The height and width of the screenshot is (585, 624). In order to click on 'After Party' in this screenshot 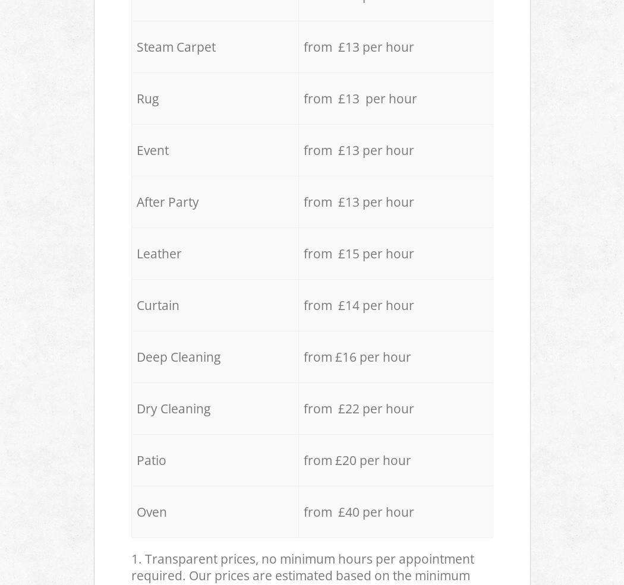, I will do `click(166, 201)`.